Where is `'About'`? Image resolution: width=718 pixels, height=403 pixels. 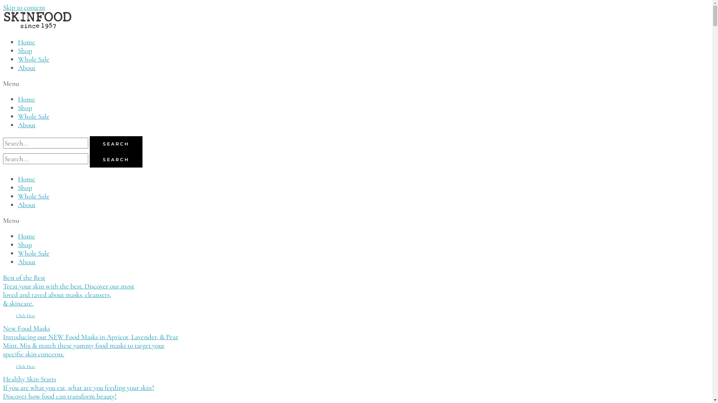 'About' is located at coordinates (27, 204).